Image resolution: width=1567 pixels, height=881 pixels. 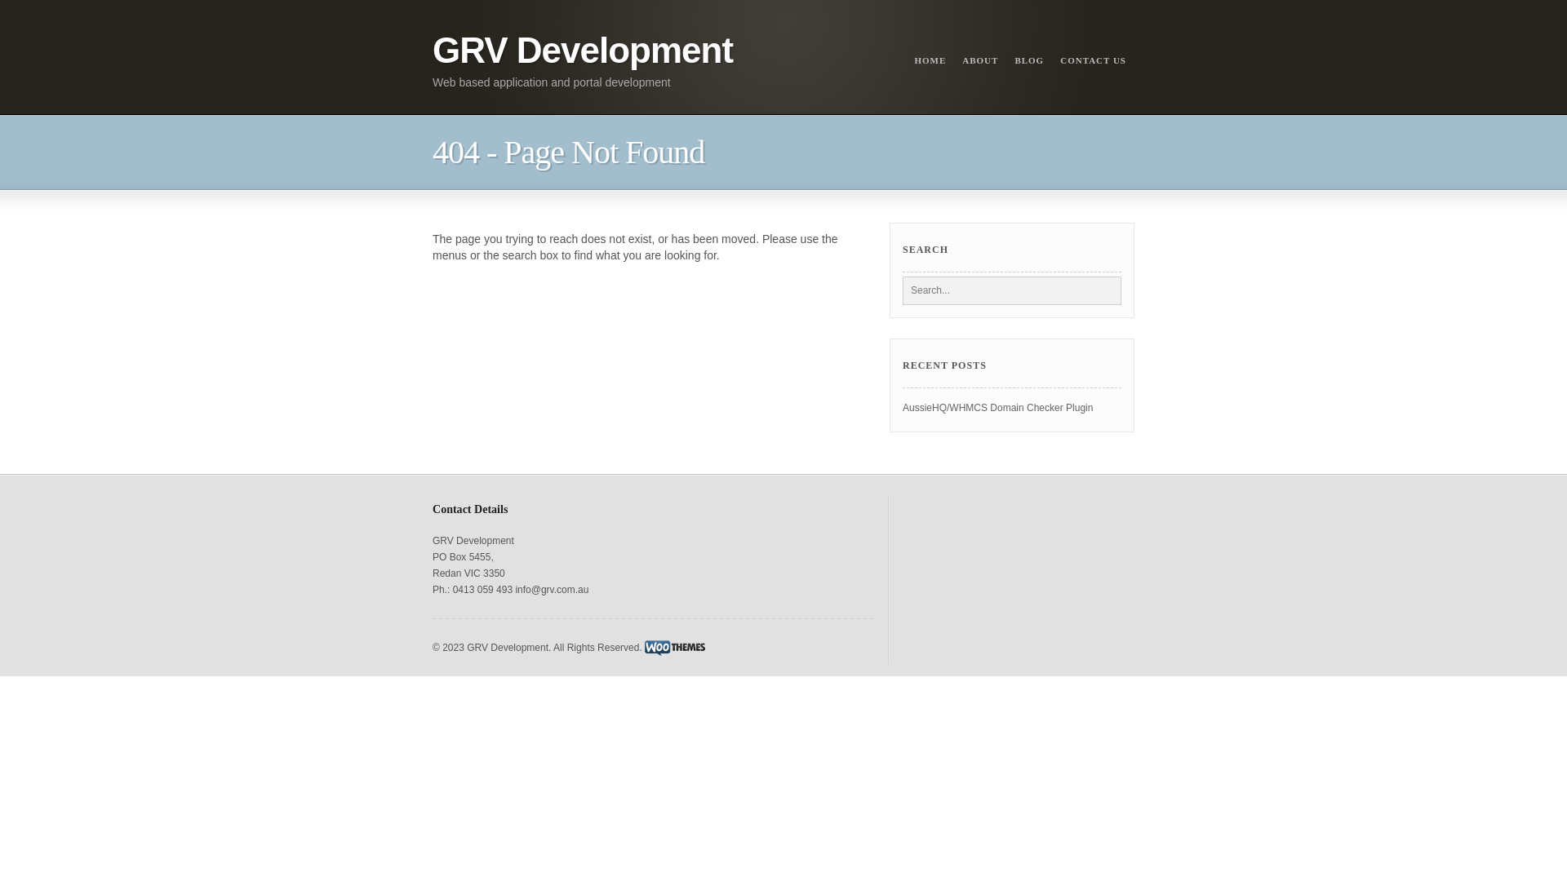 What do you see at coordinates (954, 59) in the screenshot?
I see `'ABOUT'` at bounding box center [954, 59].